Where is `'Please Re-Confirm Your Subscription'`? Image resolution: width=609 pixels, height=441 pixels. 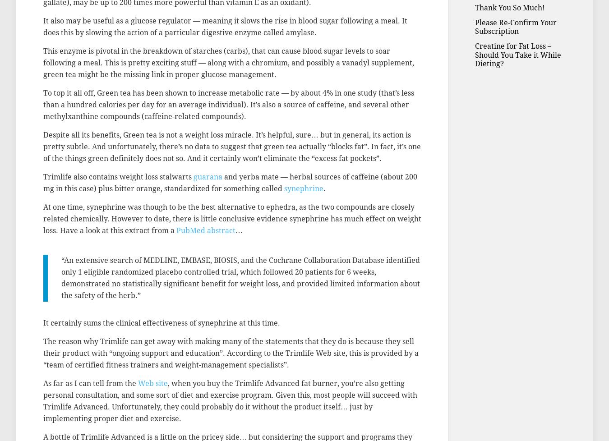 'Please Re-Confirm Your Subscription' is located at coordinates (515, 27).